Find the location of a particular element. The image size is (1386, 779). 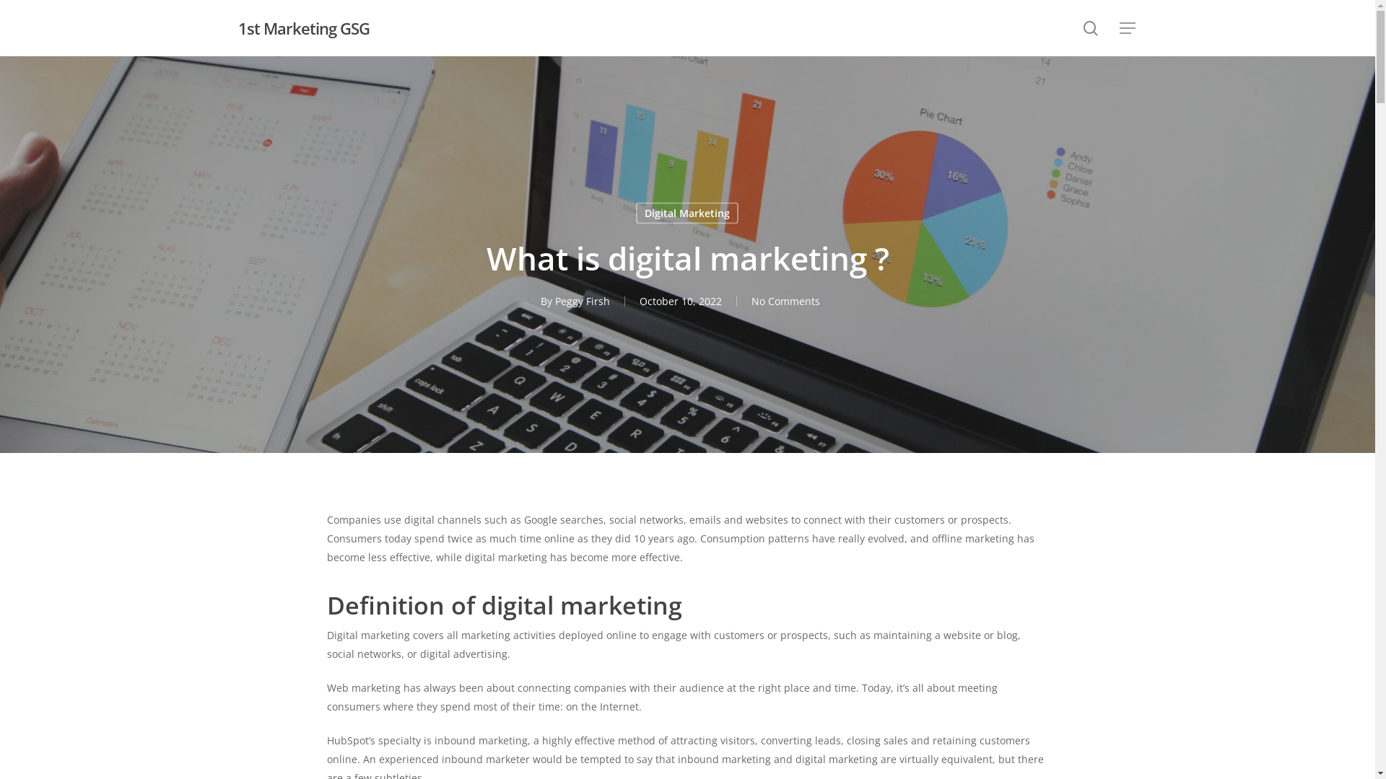

'No Comments' is located at coordinates (785, 300).